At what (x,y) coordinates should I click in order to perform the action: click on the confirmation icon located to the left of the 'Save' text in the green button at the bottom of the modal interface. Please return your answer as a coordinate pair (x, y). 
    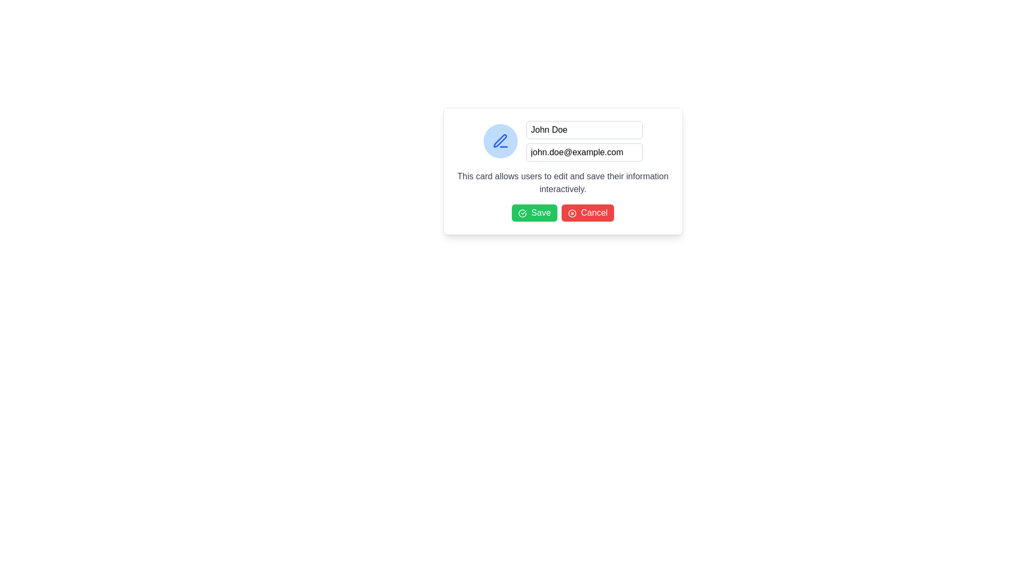
    Looking at the image, I should click on (522, 213).